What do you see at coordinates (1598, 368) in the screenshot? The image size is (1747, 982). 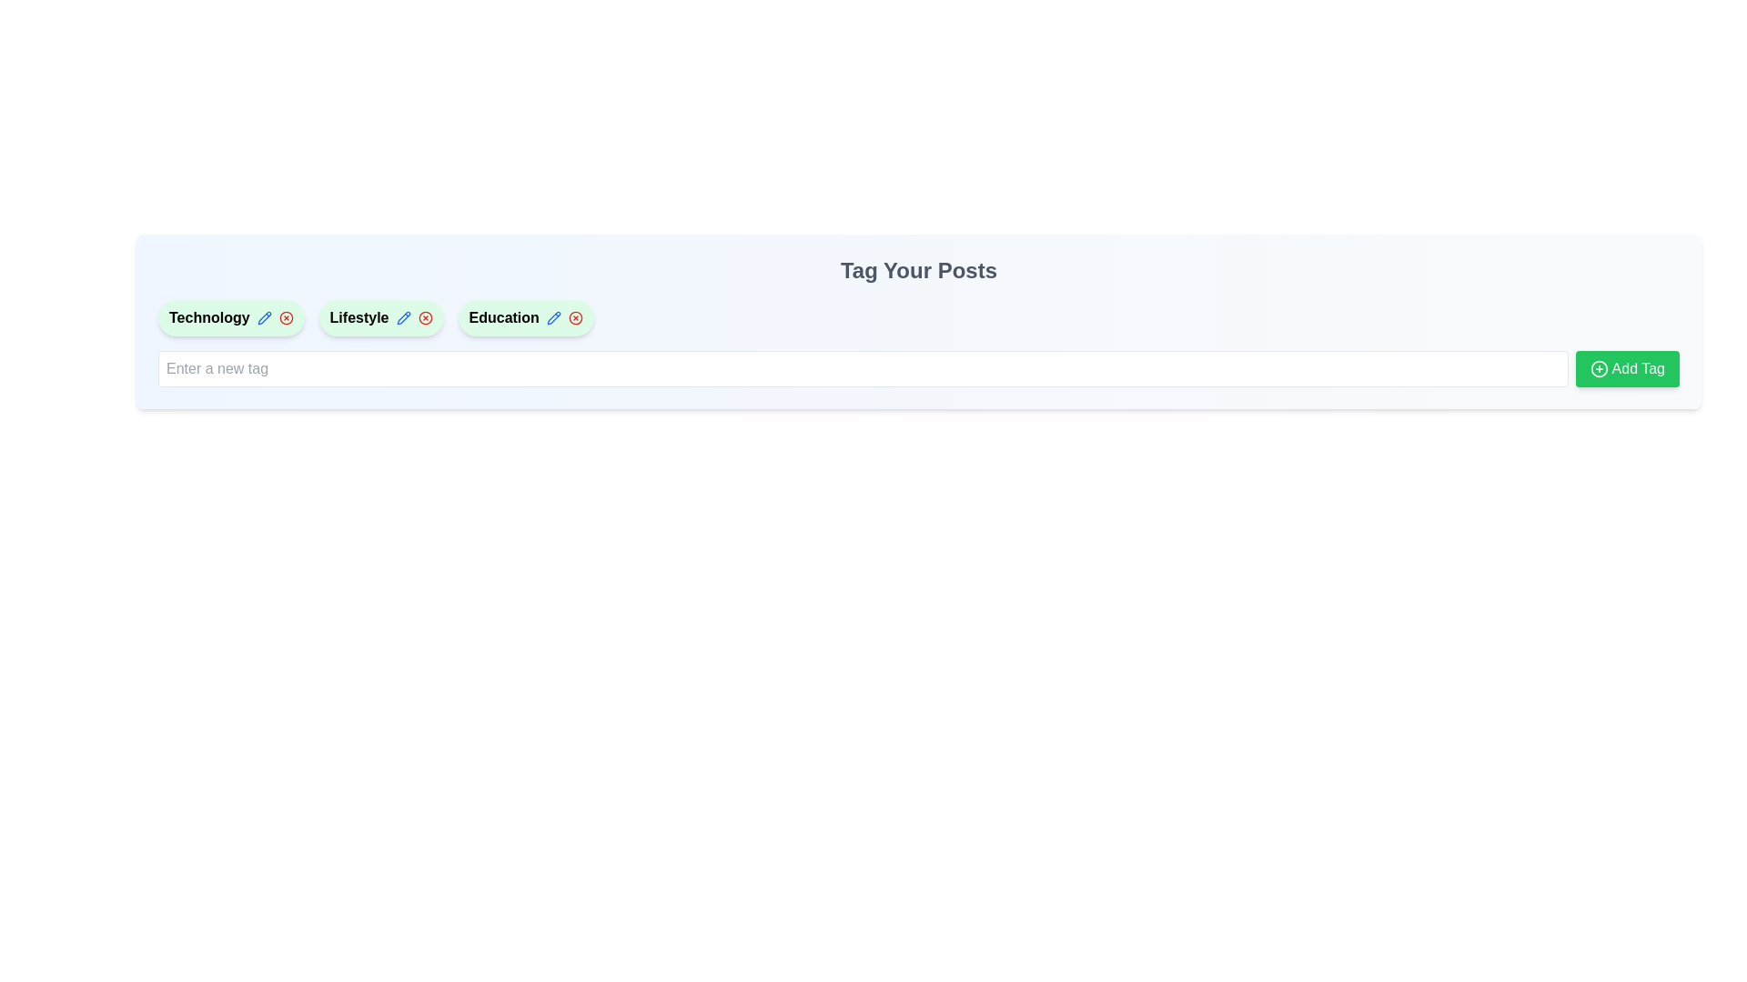 I see `the circular plus symbol icon that indicates the ability to add new tags, located within the 'Add Tag' button in the bottom-right area of the interface` at bounding box center [1598, 368].